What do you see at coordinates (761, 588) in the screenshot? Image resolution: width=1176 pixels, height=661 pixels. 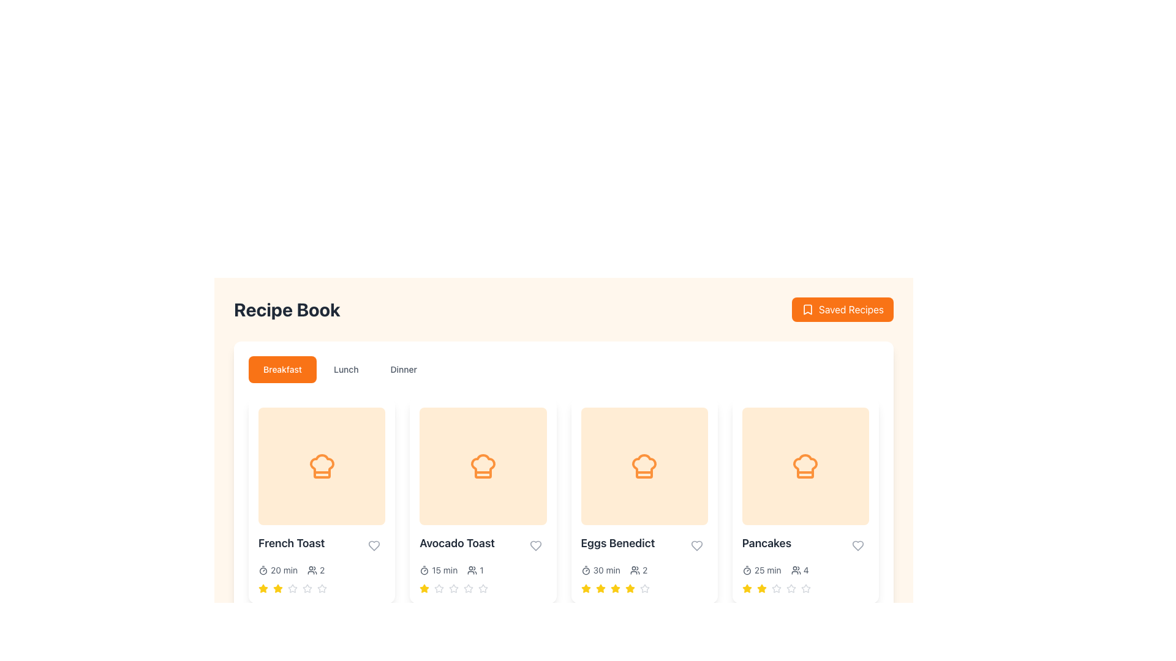 I see `the first star icon in the rating group below the 'Pancakes' card to indicate a rating for the recipe` at bounding box center [761, 588].